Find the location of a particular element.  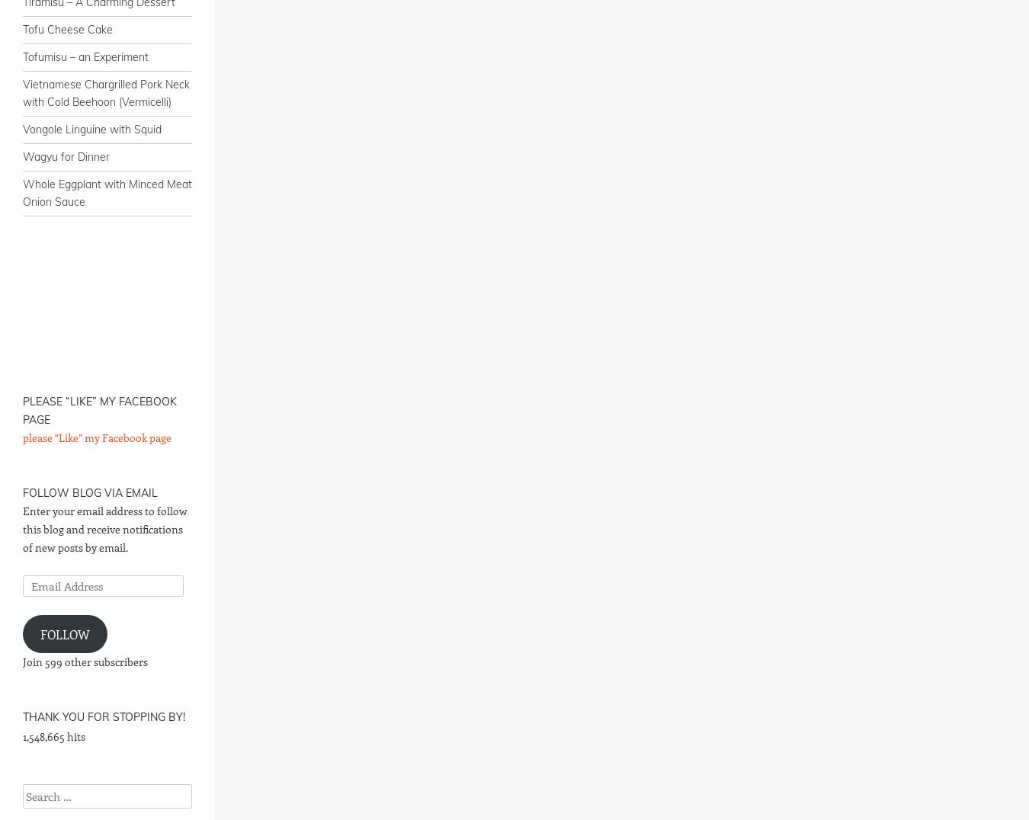

'1,548,665 hits' is located at coordinates (53, 736).